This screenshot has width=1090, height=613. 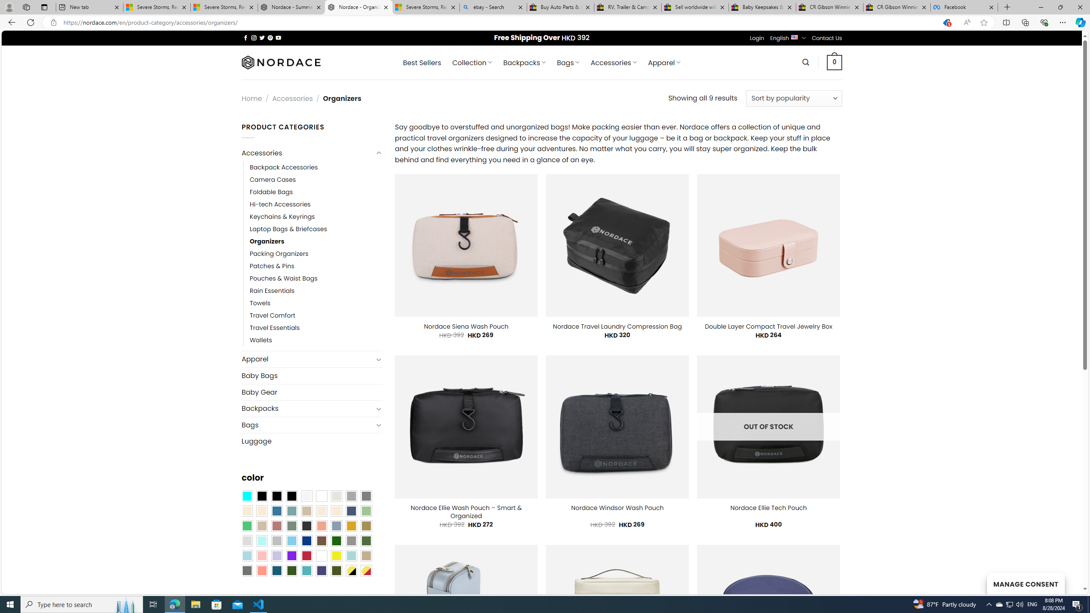 I want to click on 'Pouches & Waist Bags', so click(x=316, y=278).